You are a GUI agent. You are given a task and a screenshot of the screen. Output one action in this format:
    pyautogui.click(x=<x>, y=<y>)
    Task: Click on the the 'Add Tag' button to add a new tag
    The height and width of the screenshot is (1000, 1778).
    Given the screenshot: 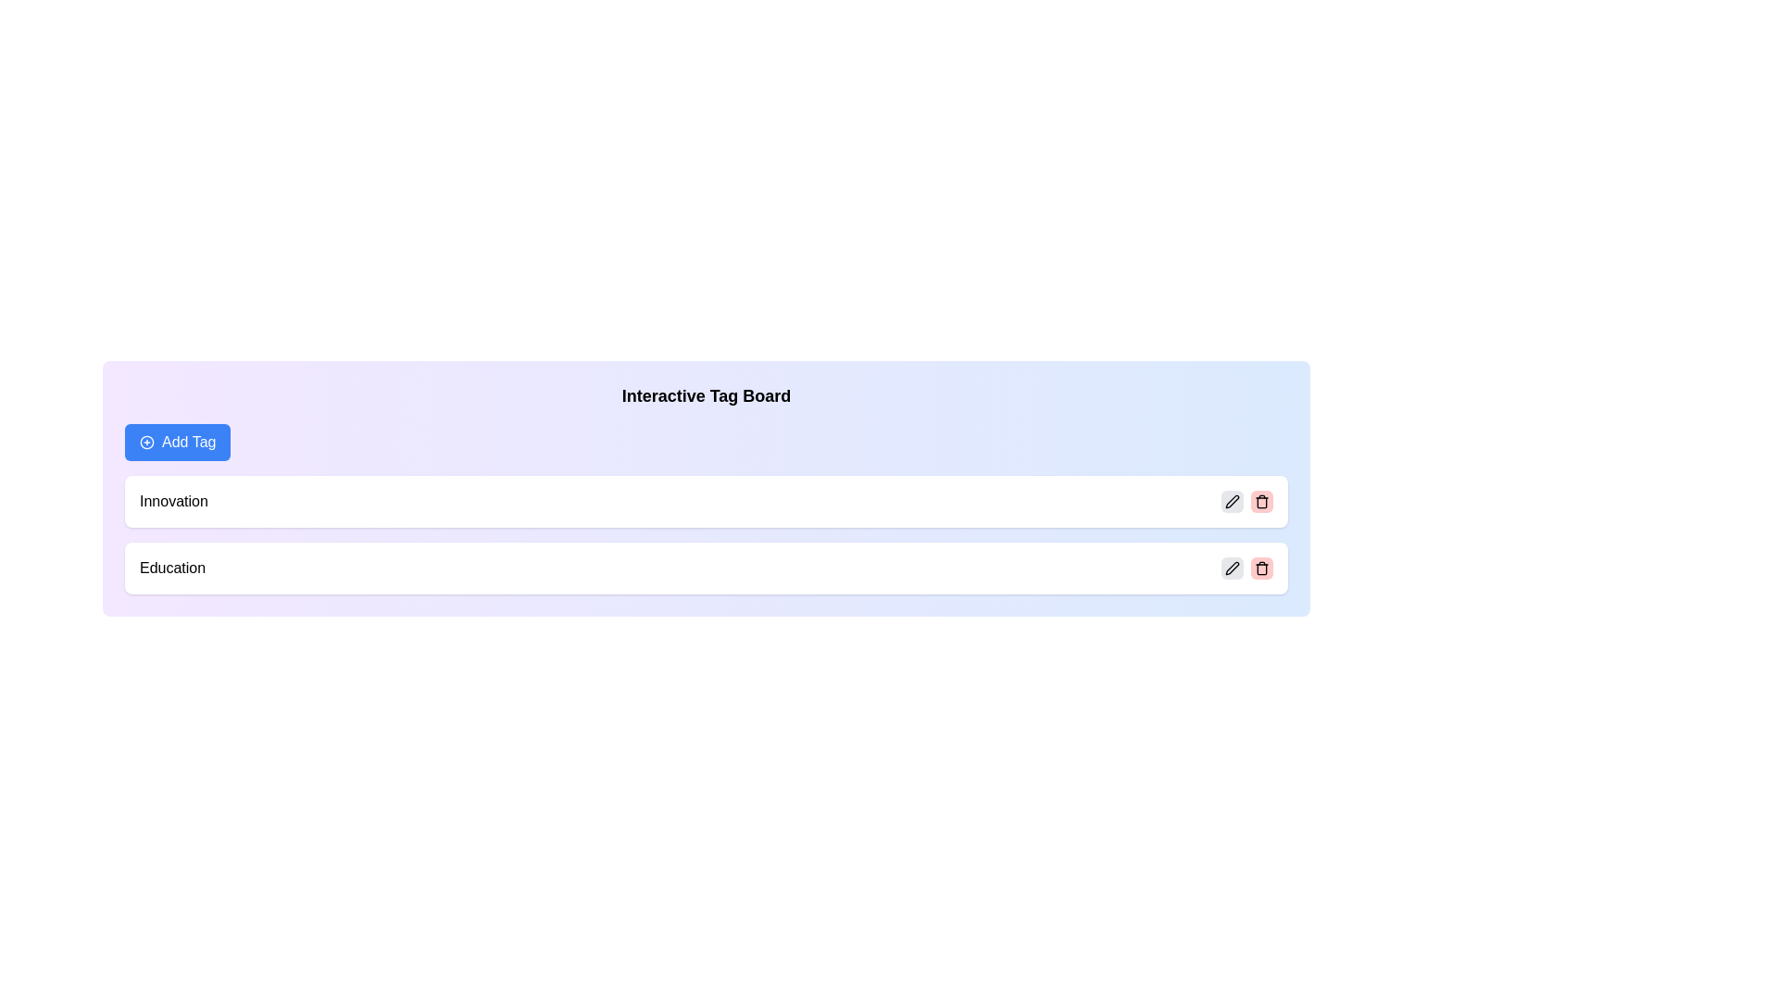 What is the action you would take?
    pyautogui.click(x=178, y=443)
    